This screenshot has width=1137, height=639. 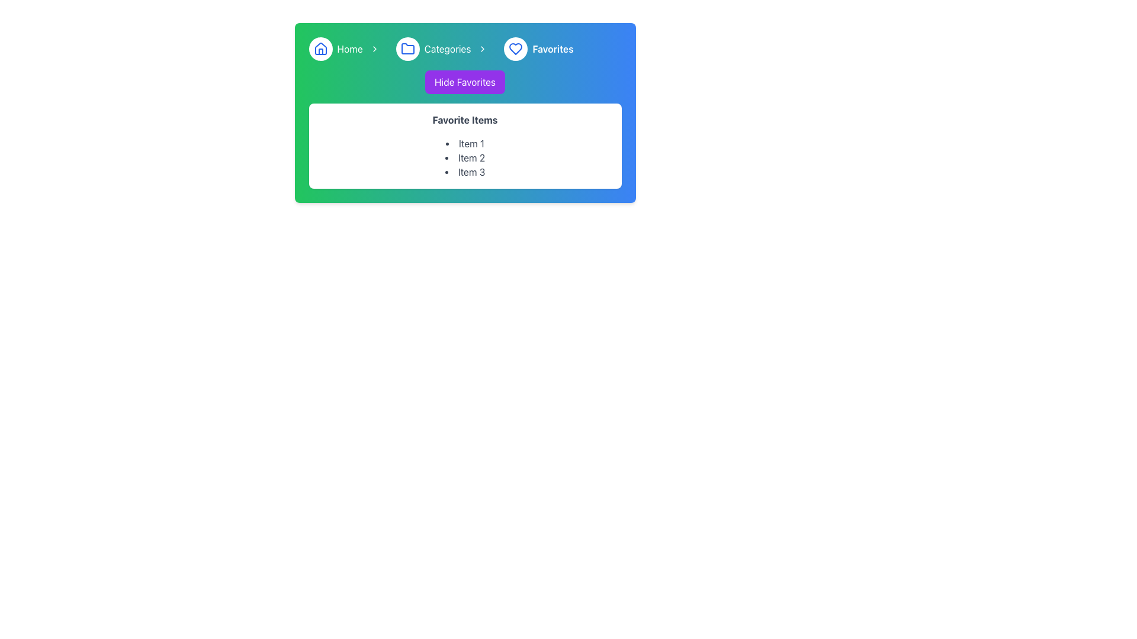 What do you see at coordinates (464, 157) in the screenshot?
I see `the static list containing 'Item 1', 'Item 2', and 'Item 3' under the 'Favorite Items' section` at bounding box center [464, 157].